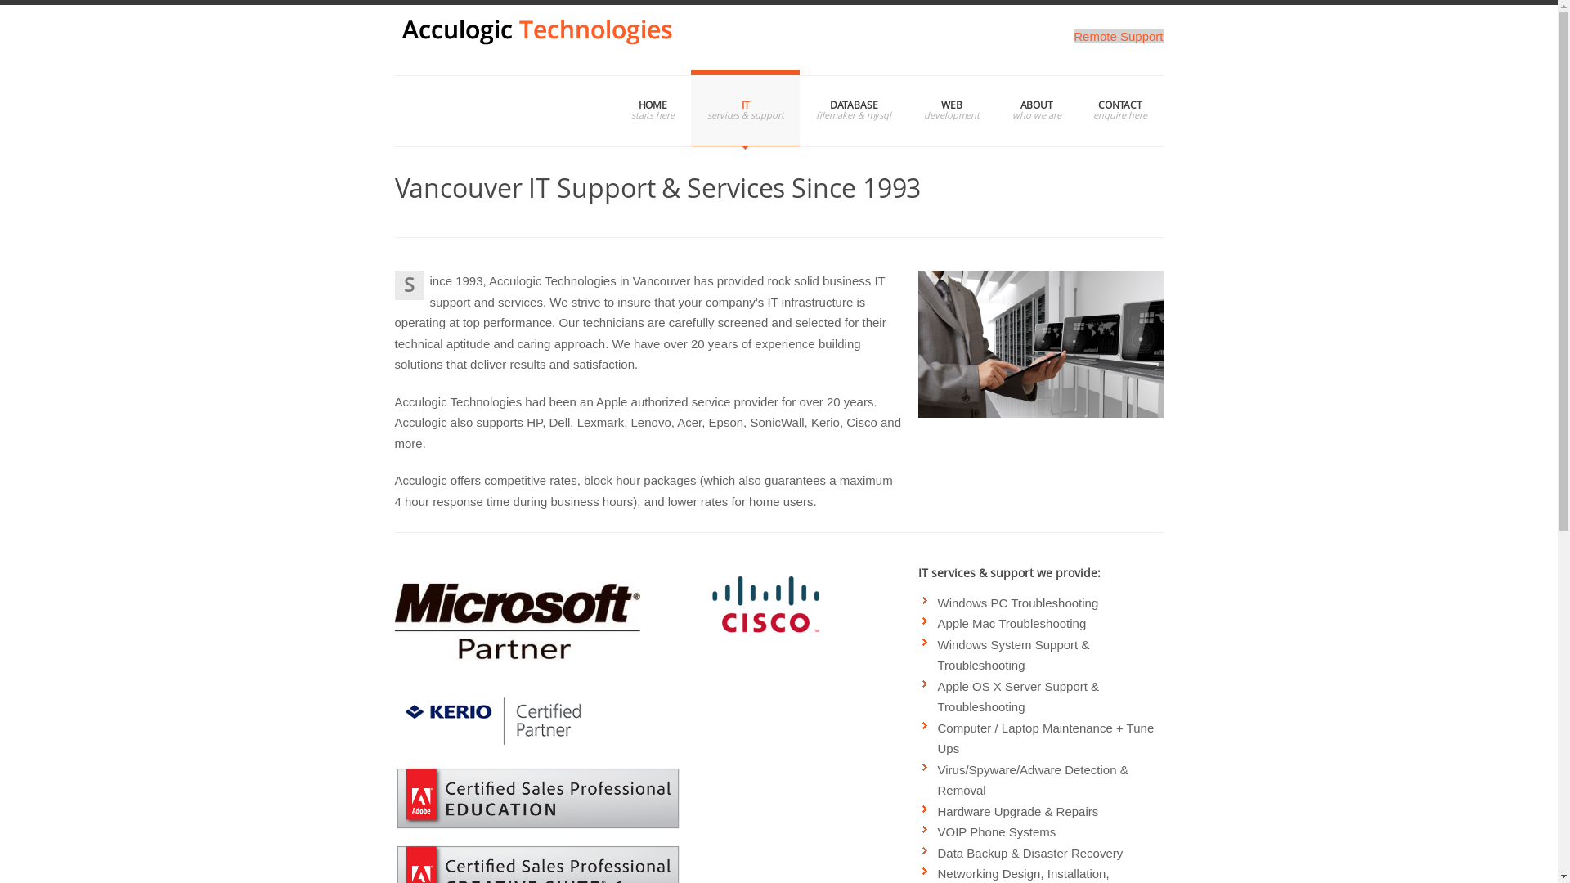 Image resolution: width=1570 pixels, height=883 pixels. Describe the element at coordinates (614, 108) in the screenshot. I see `'HOME'` at that location.